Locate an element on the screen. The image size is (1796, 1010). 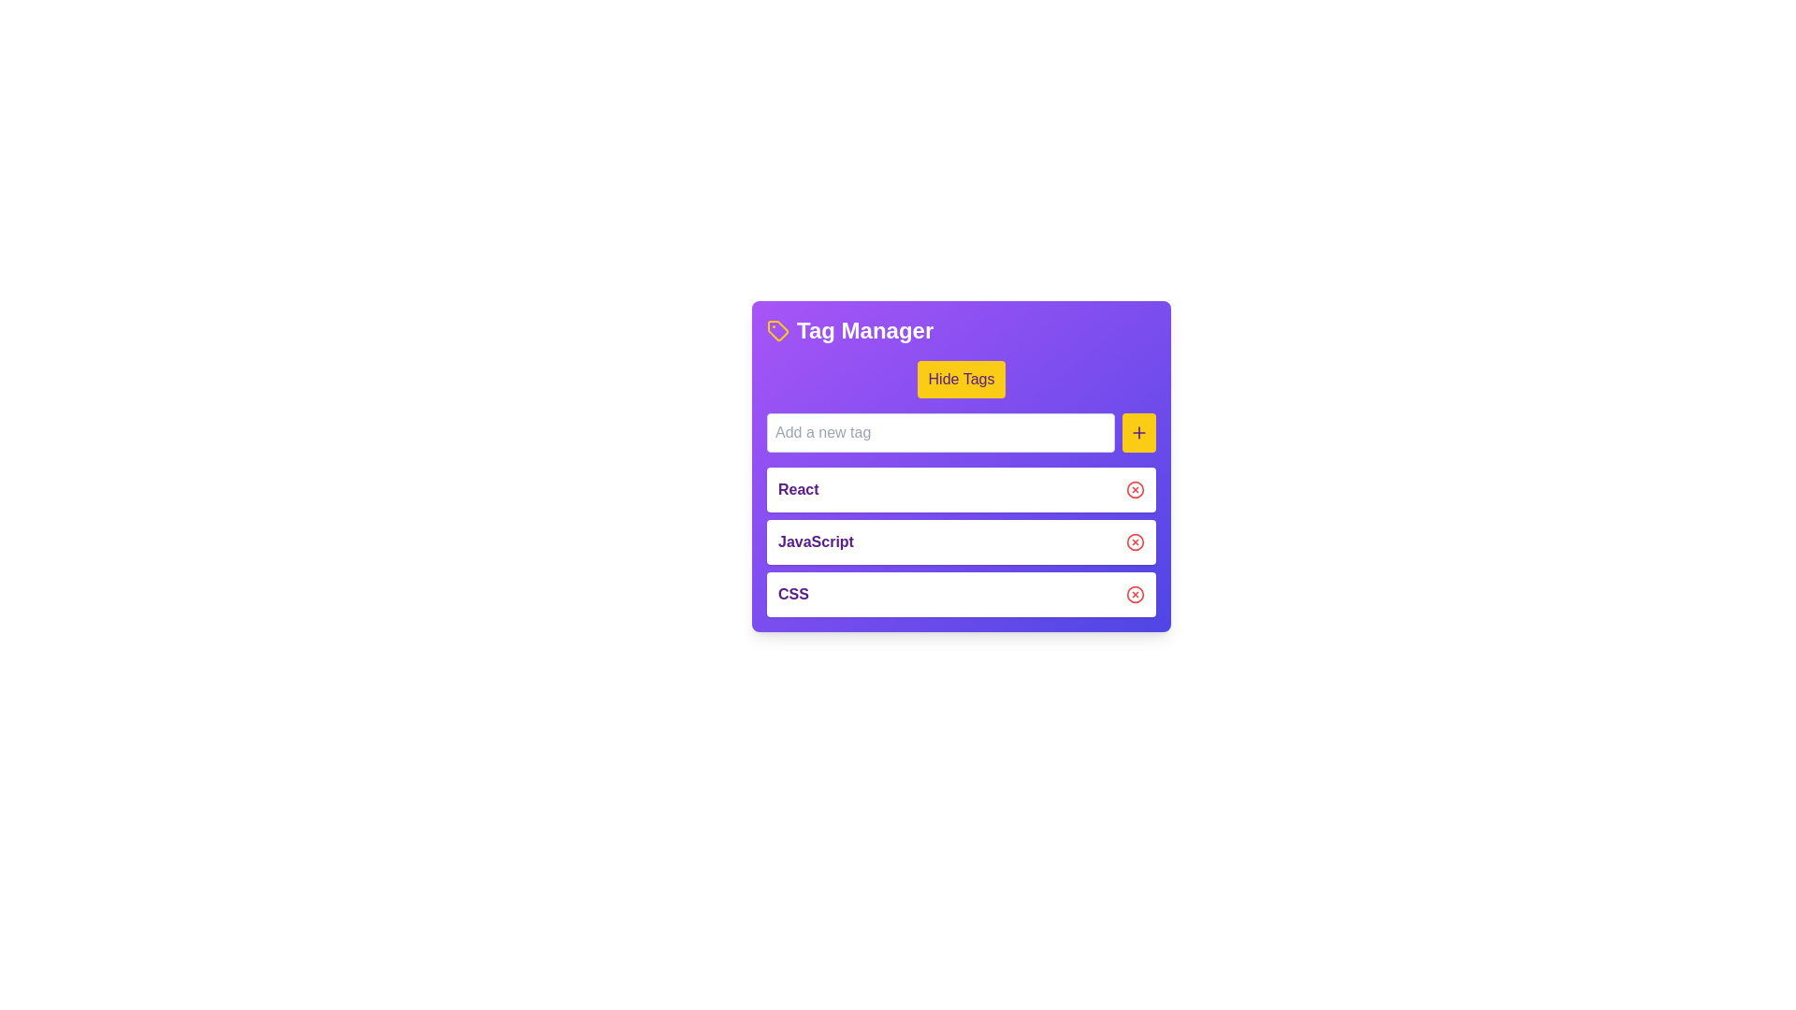
the 'JavaScript' tag entry in the Tag Manager is located at coordinates (961, 541).